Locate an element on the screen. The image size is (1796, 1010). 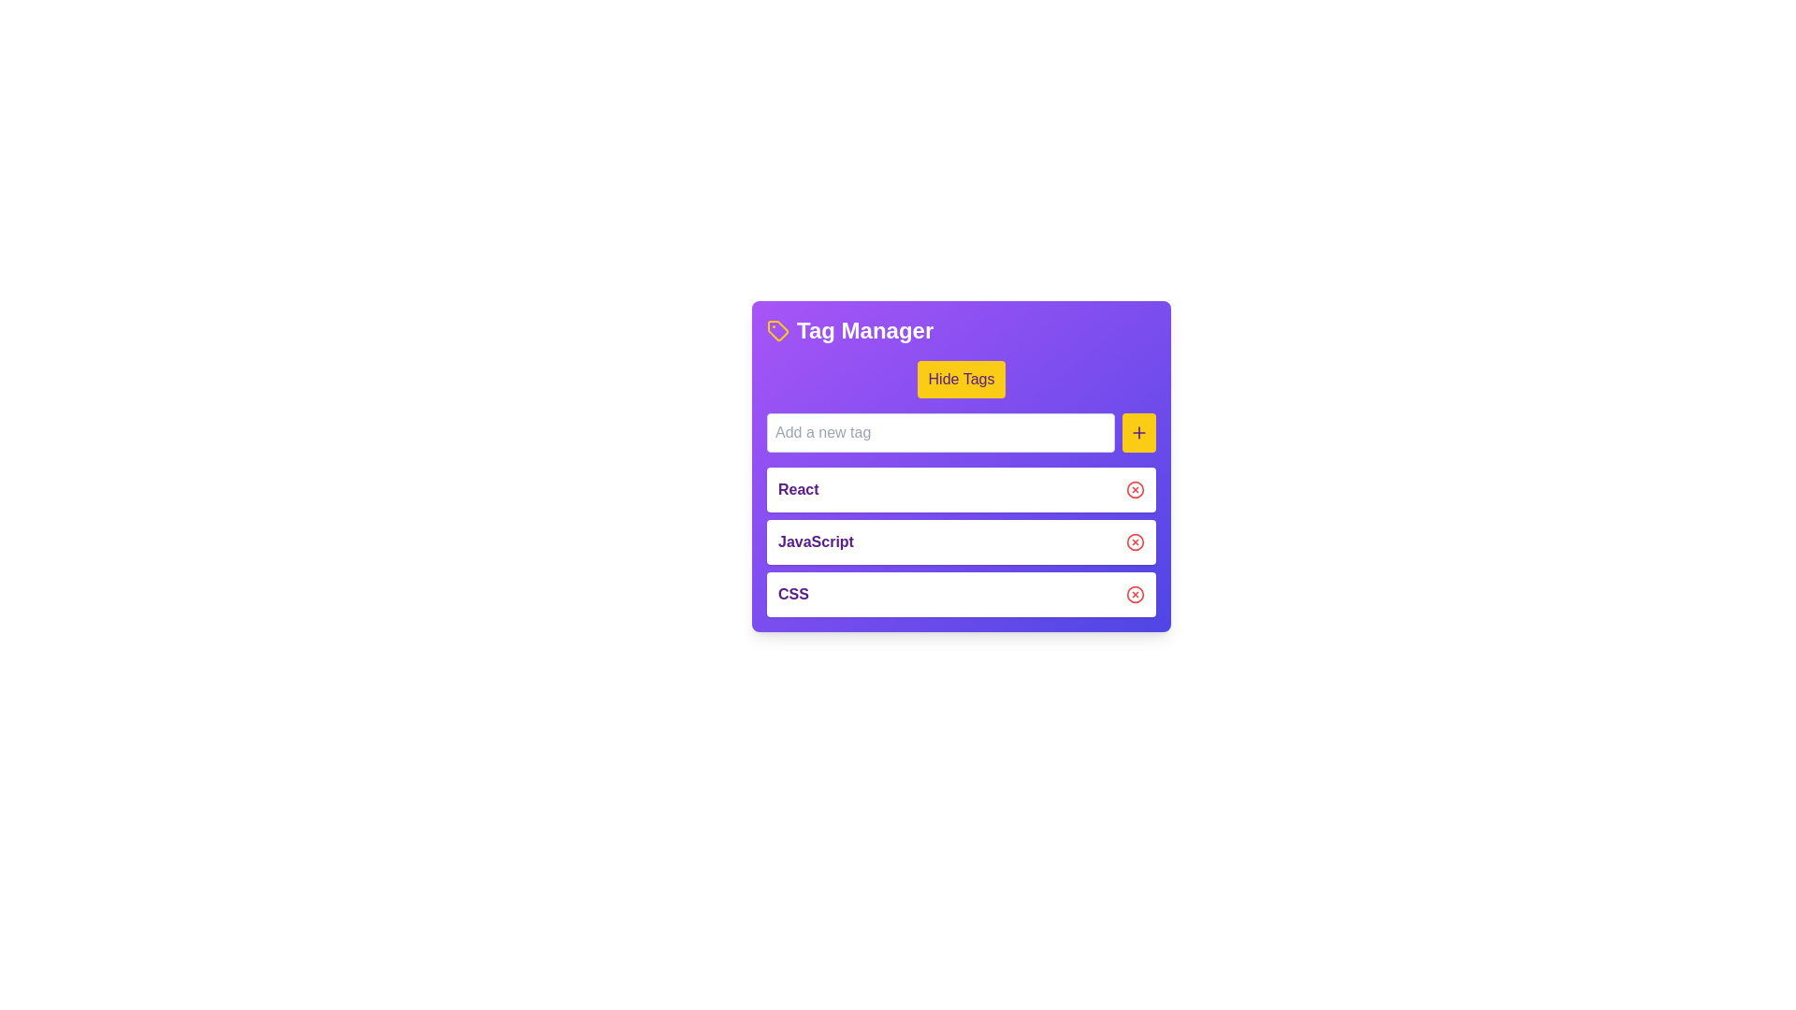
the 'JavaScript' tag entry in the Tag Manager is located at coordinates (961, 541).